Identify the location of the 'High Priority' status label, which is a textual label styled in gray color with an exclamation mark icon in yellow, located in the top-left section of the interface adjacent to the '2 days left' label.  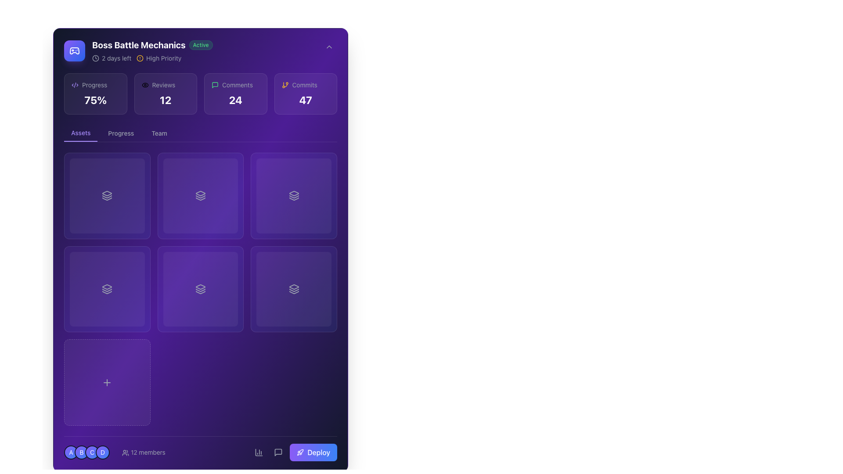
(159, 58).